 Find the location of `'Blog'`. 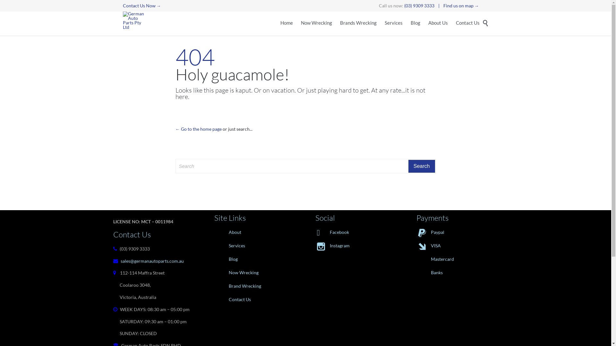

'Blog' is located at coordinates (254, 259).